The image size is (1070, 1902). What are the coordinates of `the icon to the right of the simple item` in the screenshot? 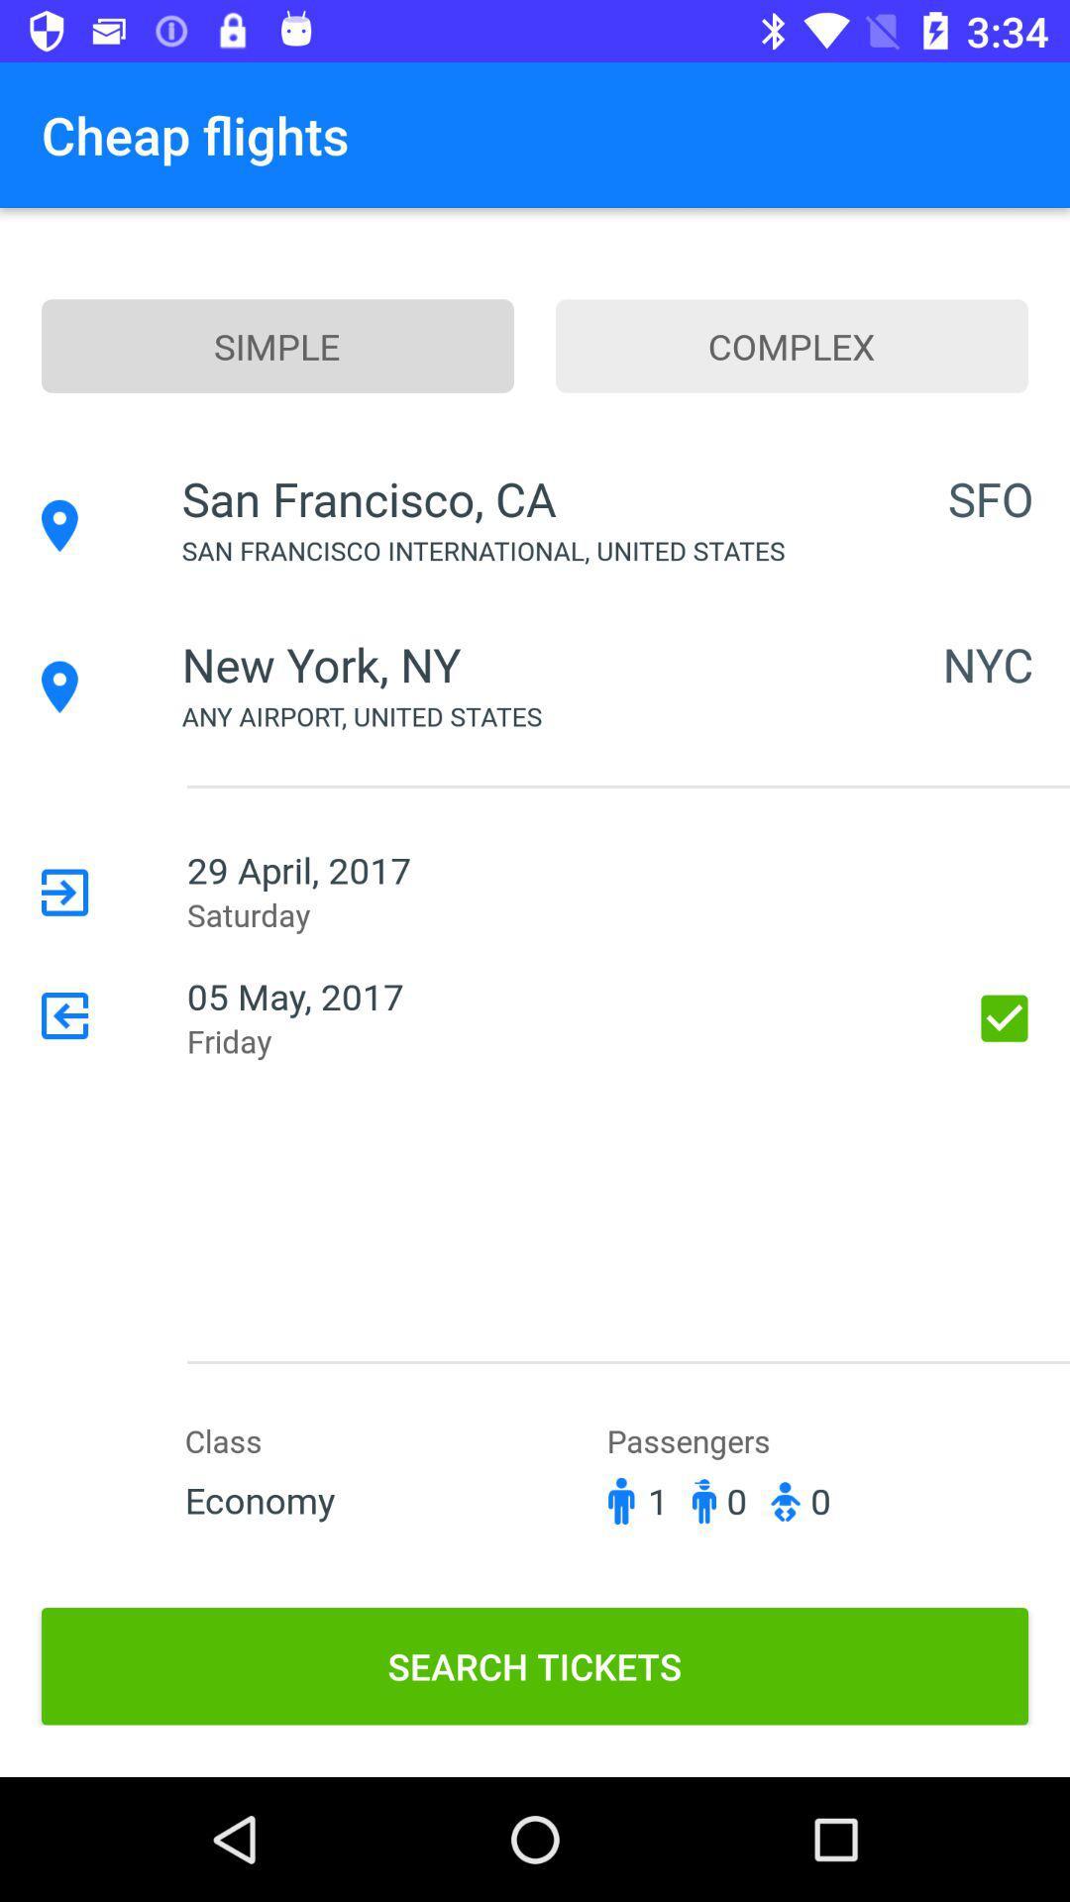 It's located at (791, 346).